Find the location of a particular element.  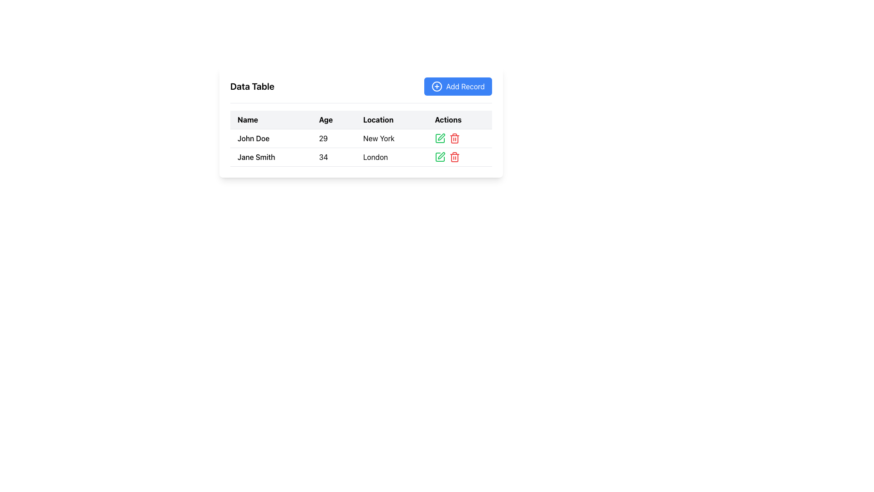

the delete icon button located in the 'Actions' column of the second row of the table, which is adjacent to the green edit icon is located at coordinates (455, 156).